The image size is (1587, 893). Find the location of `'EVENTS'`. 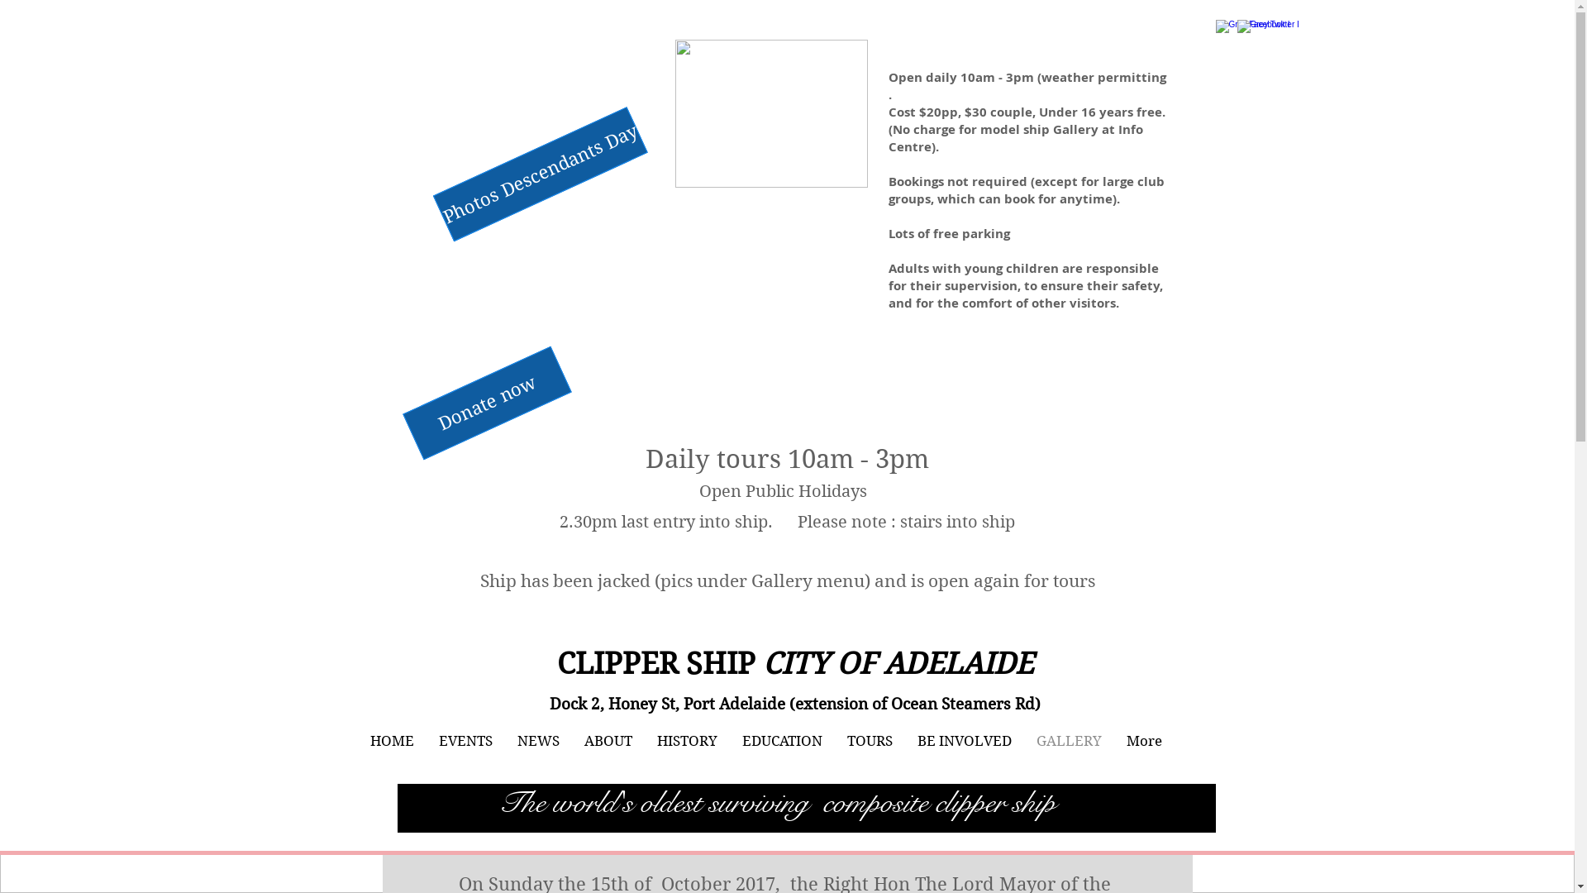

'EVENTS' is located at coordinates (465, 740).